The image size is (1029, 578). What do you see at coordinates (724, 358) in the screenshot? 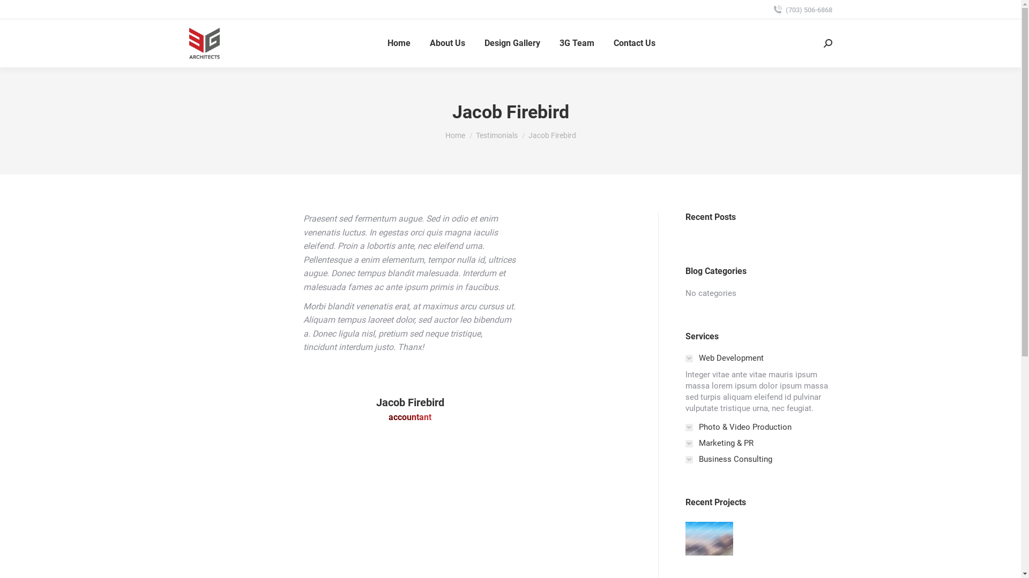
I see `'Web Development'` at bounding box center [724, 358].